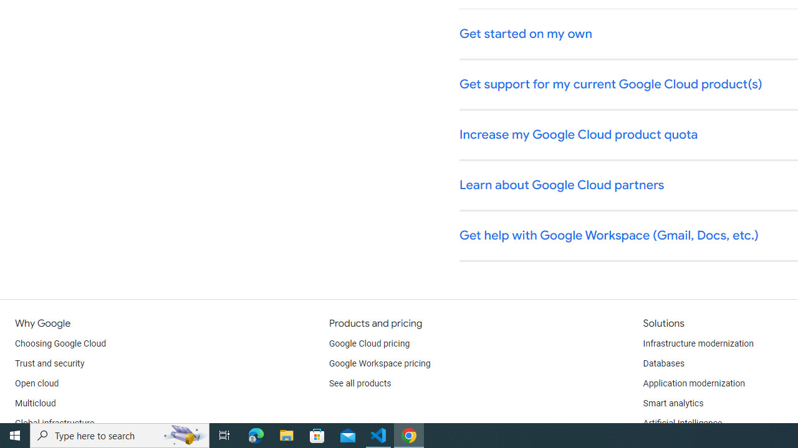 The image size is (798, 448). I want to click on 'Infrastructure modernization', so click(698, 343).